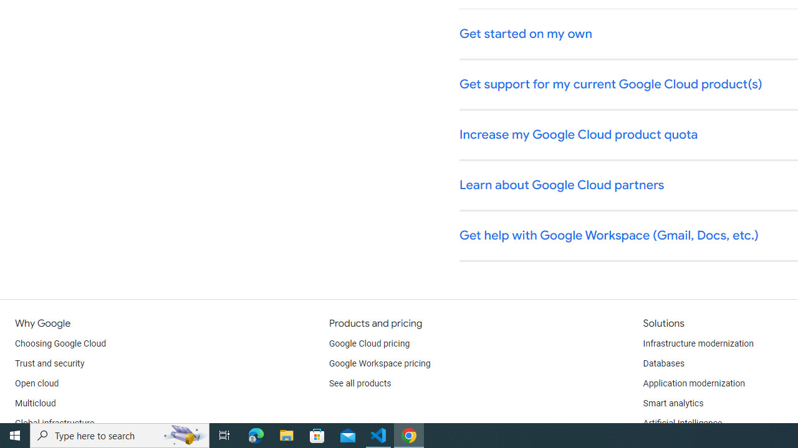 The image size is (798, 448). I want to click on 'Infrastructure modernization', so click(698, 343).